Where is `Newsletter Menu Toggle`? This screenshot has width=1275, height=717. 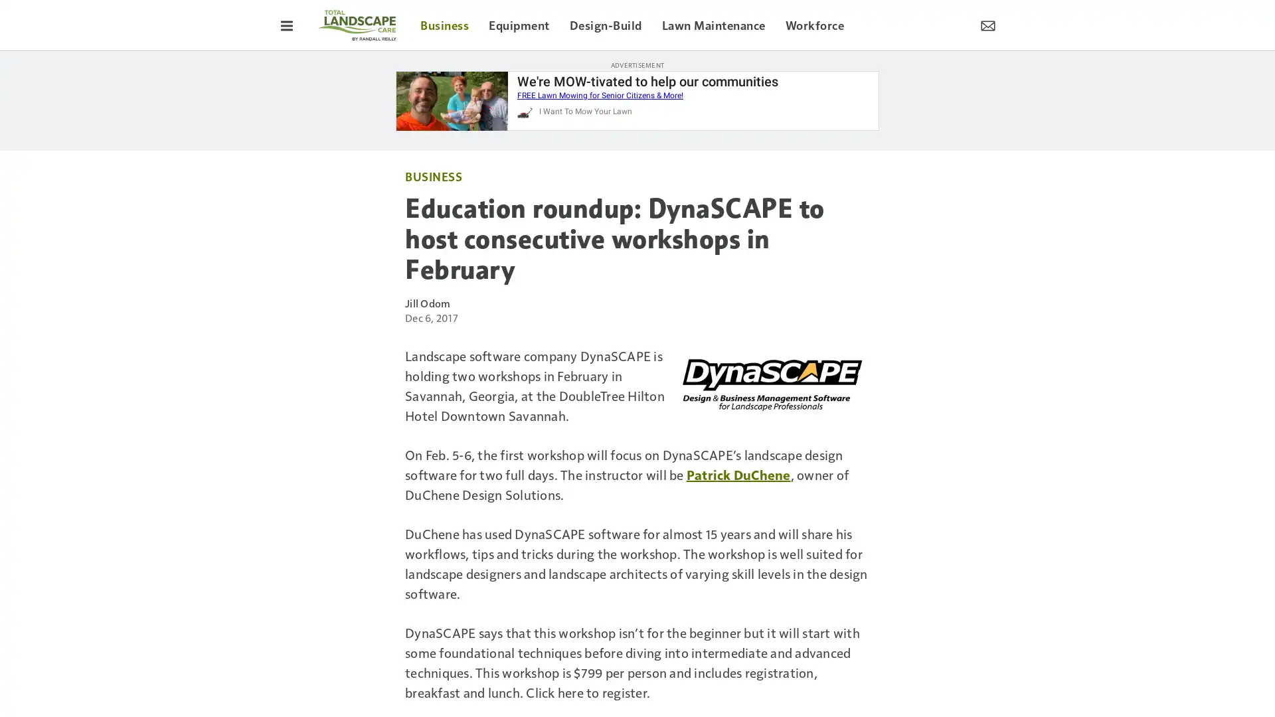
Newsletter Menu Toggle is located at coordinates (988, 25).